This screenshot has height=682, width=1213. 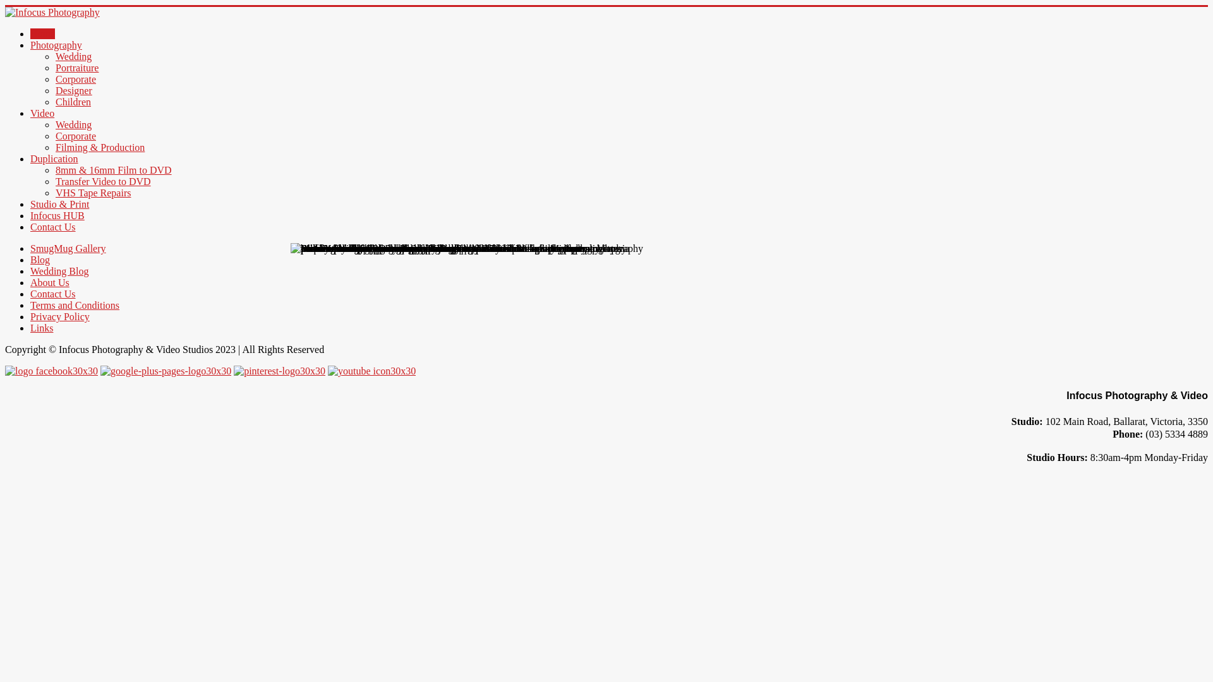 What do you see at coordinates (56, 44) in the screenshot?
I see `'Photography'` at bounding box center [56, 44].